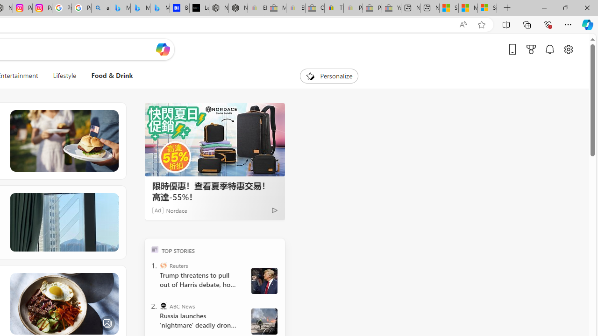 Image resolution: width=598 pixels, height=336 pixels. I want to click on 'Lifestyle', so click(64, 76).